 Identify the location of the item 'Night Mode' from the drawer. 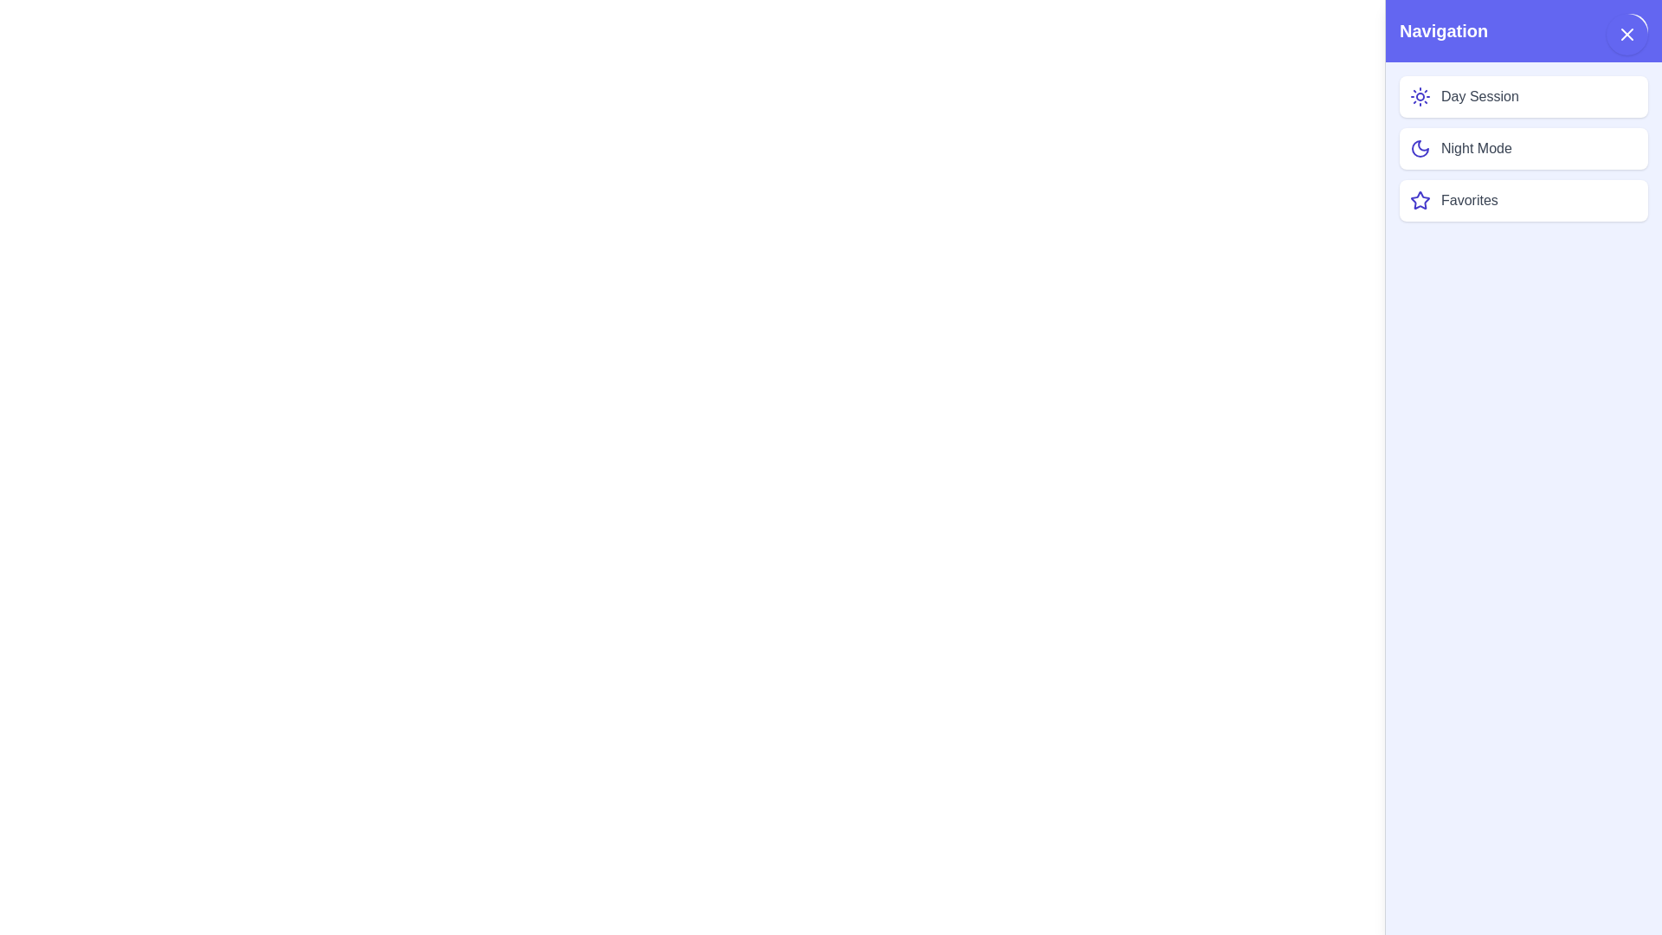
(1523, 148).